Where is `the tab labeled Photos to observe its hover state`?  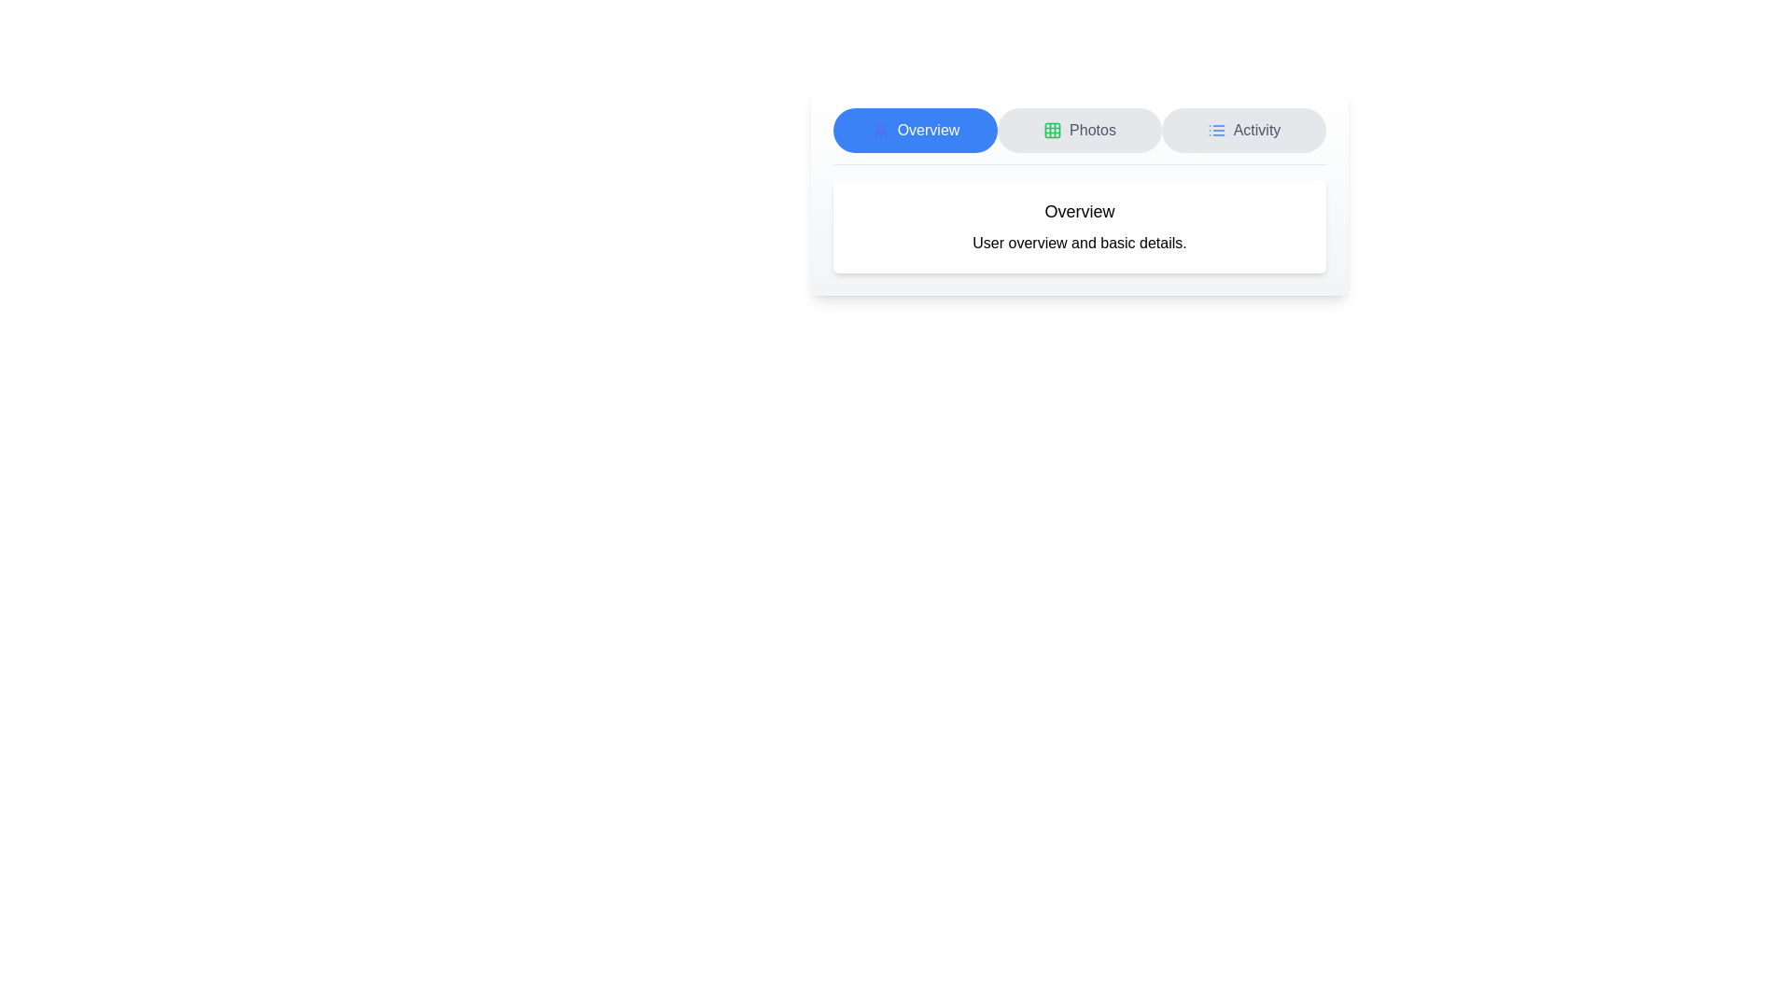 the tab labeled Photos to observe its hover state is located at coordinates (1079, 129).